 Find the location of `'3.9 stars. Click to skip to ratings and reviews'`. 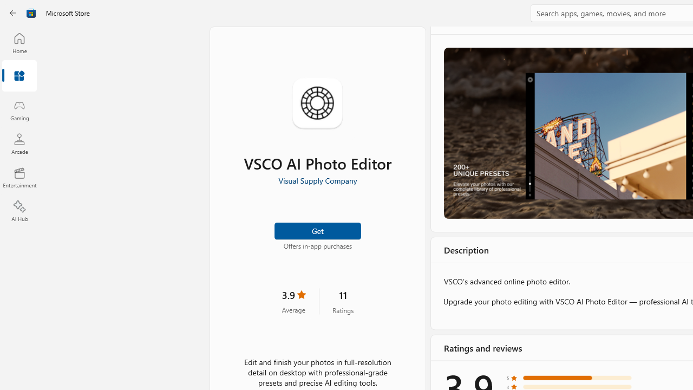

'3.9 stars. Click to skip to ratings and reviews' is located at coordinates (293, 301).